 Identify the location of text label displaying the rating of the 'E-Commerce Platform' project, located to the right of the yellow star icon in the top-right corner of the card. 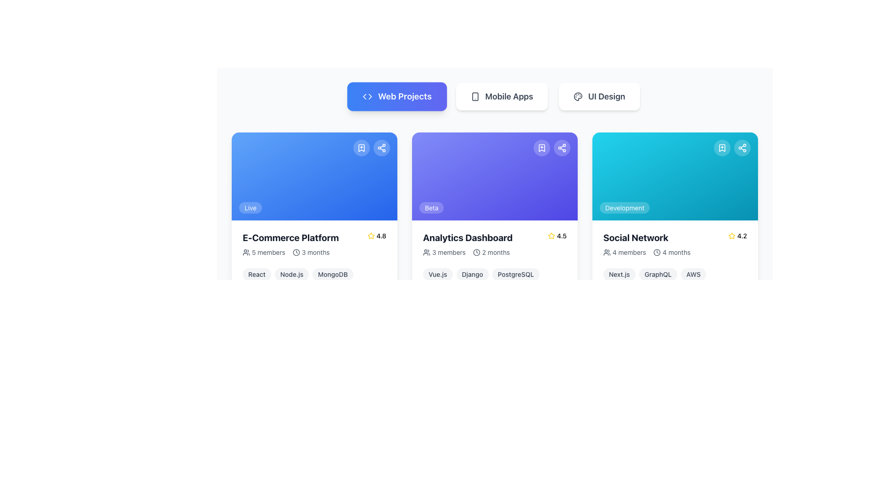
(381, 236).